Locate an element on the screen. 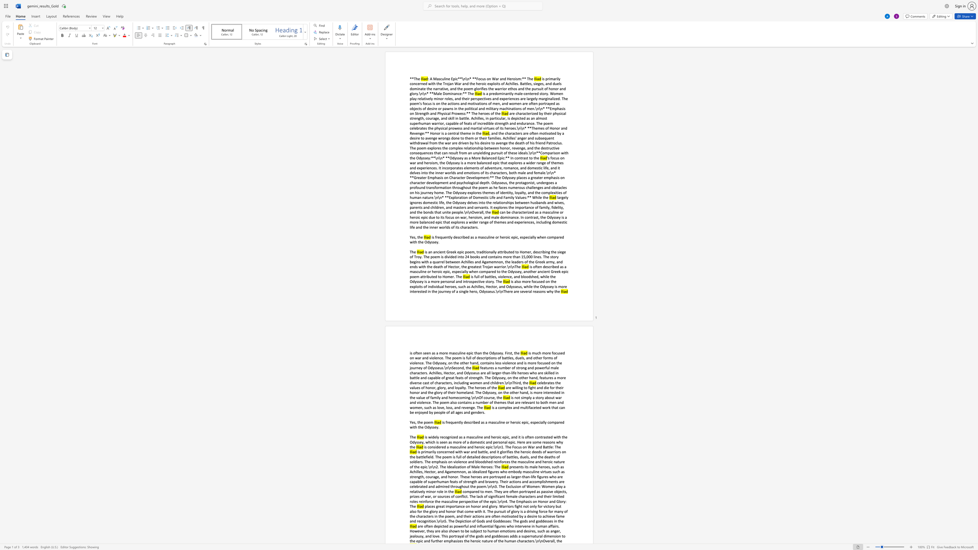 This screenshot has width=978, height=550. the subset text "r forms of violence. The Odyssey, on the other hand," within the text "is much more focused on war and violence. The poem is full of descriptions of battles, duels, and other forms of violence. The Odyssey, on the other hand, contains less violence and is more focused on the journey of Odysseus.\n\nSecond, the" is located at coordinates (541, 358).